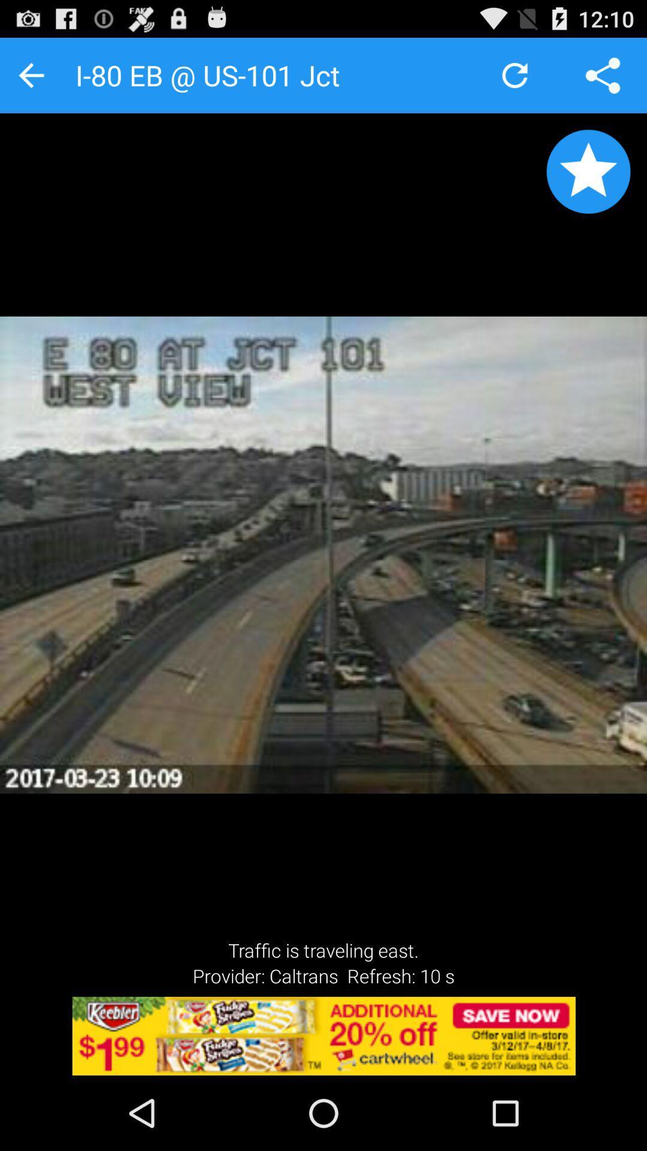 The height and width of the screenshot is (1151, 647). Describe the element at coordinates (323, 1035) in the screenshot. I see `advertiser site` at that location.